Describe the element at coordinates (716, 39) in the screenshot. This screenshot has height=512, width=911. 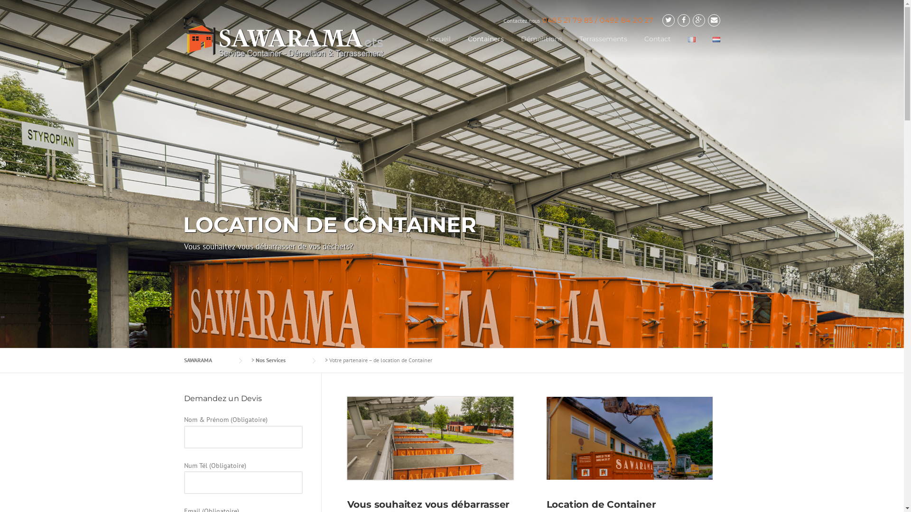
I see `'Nederlands'` at that location.